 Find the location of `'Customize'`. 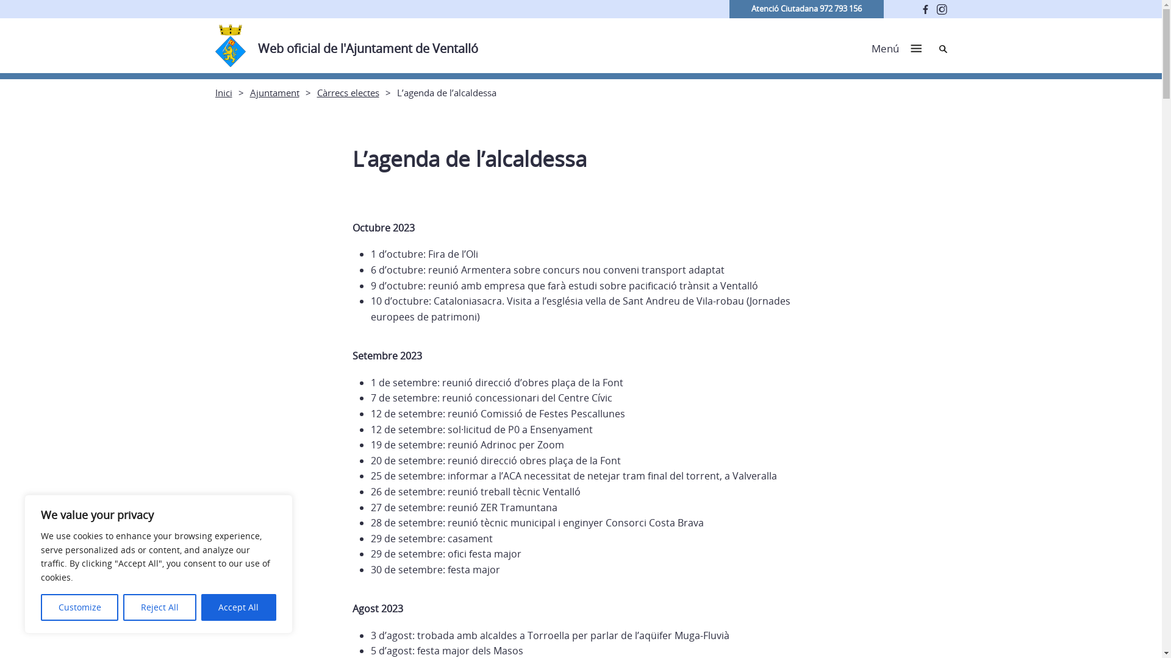

'Customize' is located at coordinates (79, 607).